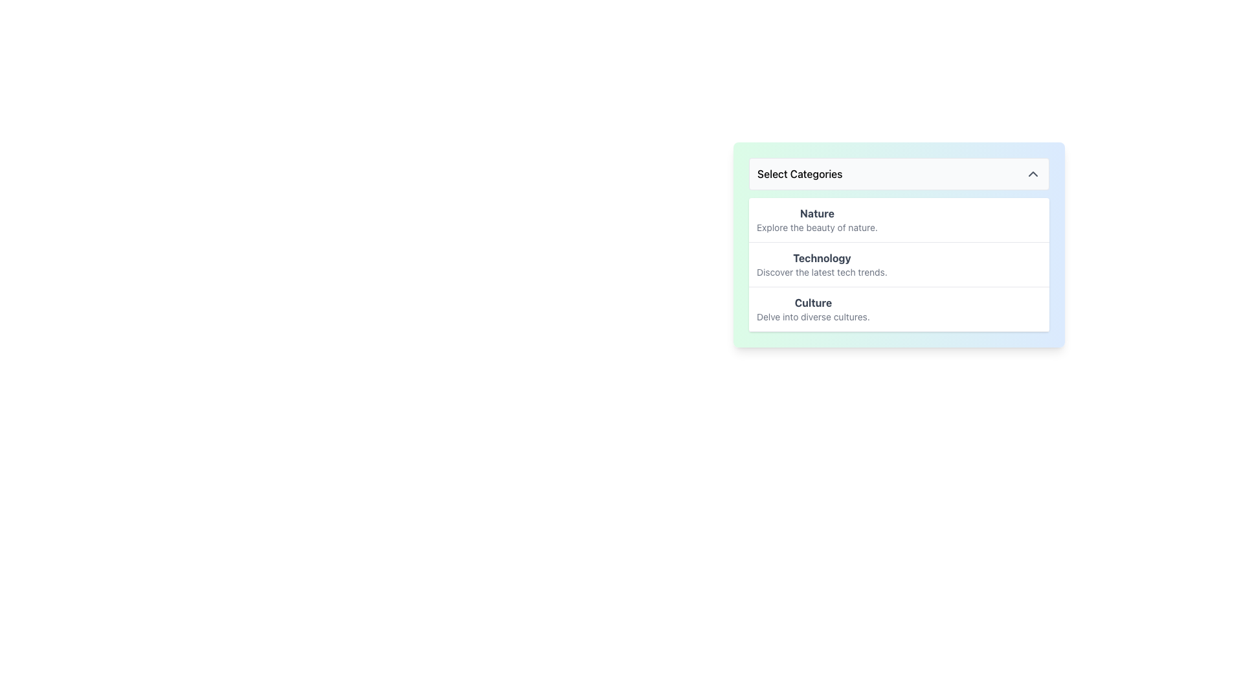 The height and width of the screenshot is (699, 1243). I want to click on informational text describing the 'Culture' category, which is located under the 'Select Categories' section, directly below the 'Culture' heading, so click(812, 316).